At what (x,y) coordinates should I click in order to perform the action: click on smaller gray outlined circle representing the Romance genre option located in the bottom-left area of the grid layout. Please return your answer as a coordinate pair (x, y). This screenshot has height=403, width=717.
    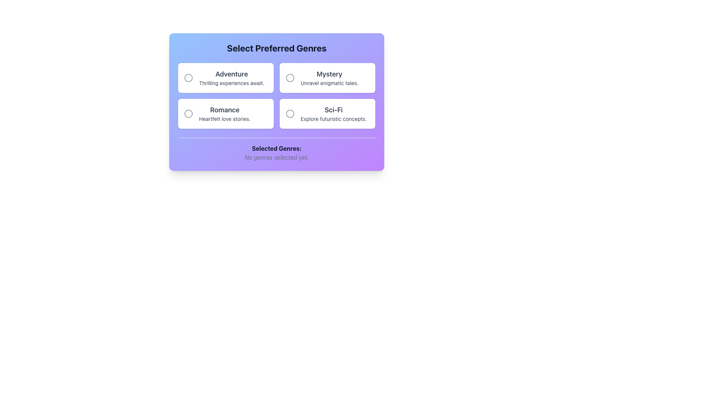
    Looking at the image, I should click on (188, 113).